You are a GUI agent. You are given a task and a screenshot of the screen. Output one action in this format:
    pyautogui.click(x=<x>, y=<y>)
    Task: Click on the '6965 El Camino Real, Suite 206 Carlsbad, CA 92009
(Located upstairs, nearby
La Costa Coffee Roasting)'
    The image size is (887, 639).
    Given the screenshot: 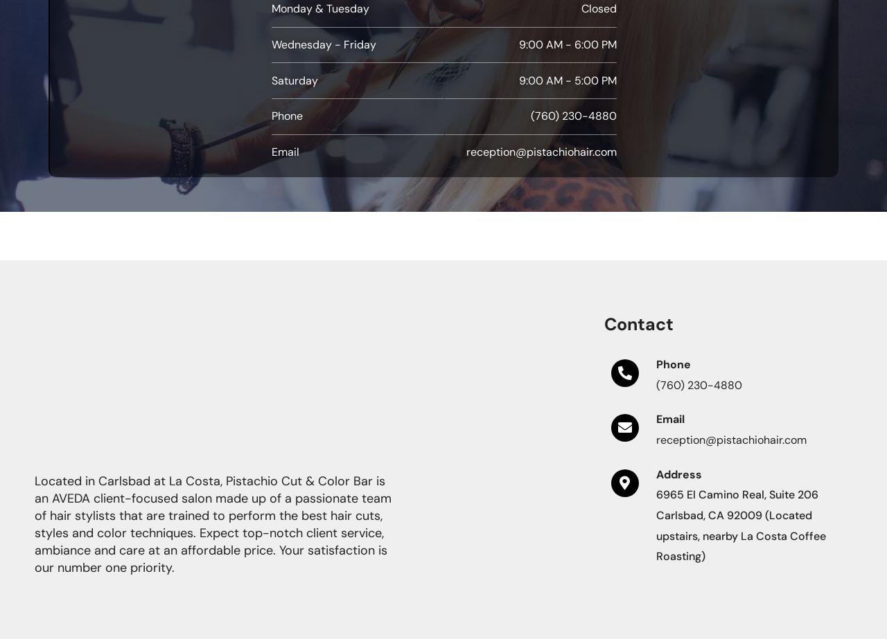 What is the action you would take?
    pyautogui.click(x=739, y=524)
    